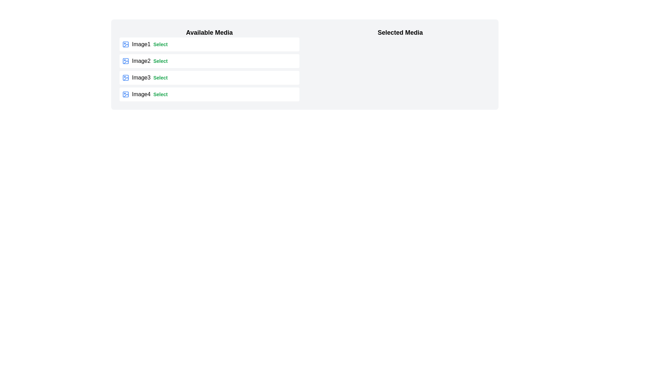  Describe the element at coordinates (141, 77) in the screenshot. I see `text of the Label element displaying 'Image3', located in the third row of the 'Available Media' section` at that location.